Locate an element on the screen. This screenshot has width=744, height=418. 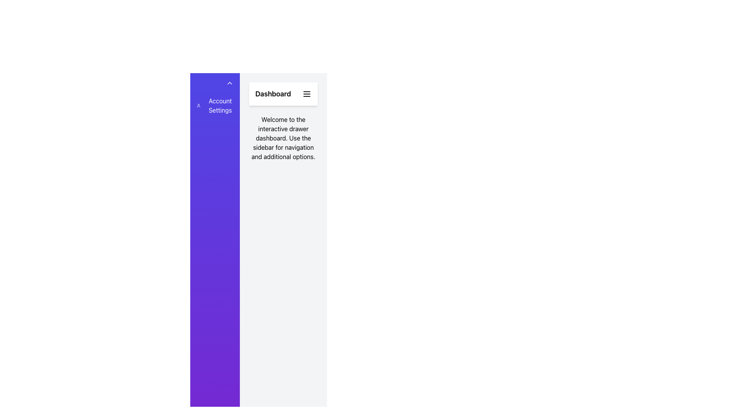
text block that states 'Welcome to the interactive drawer dashboard. Use the sidebar for navigation and additional options.' is located at coordinates (283, 138).